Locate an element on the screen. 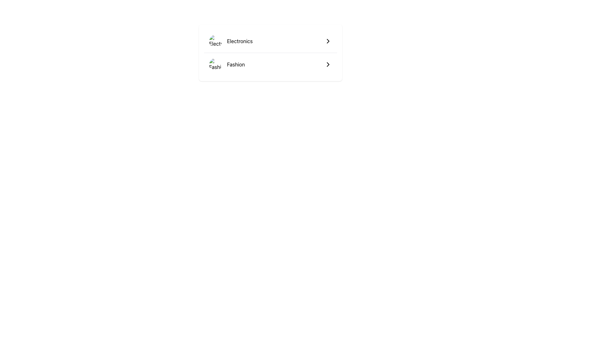  the chevron icon pointing to the right, which is located to the right of the 'Electronics' list item is located at coordinates (328, 41).